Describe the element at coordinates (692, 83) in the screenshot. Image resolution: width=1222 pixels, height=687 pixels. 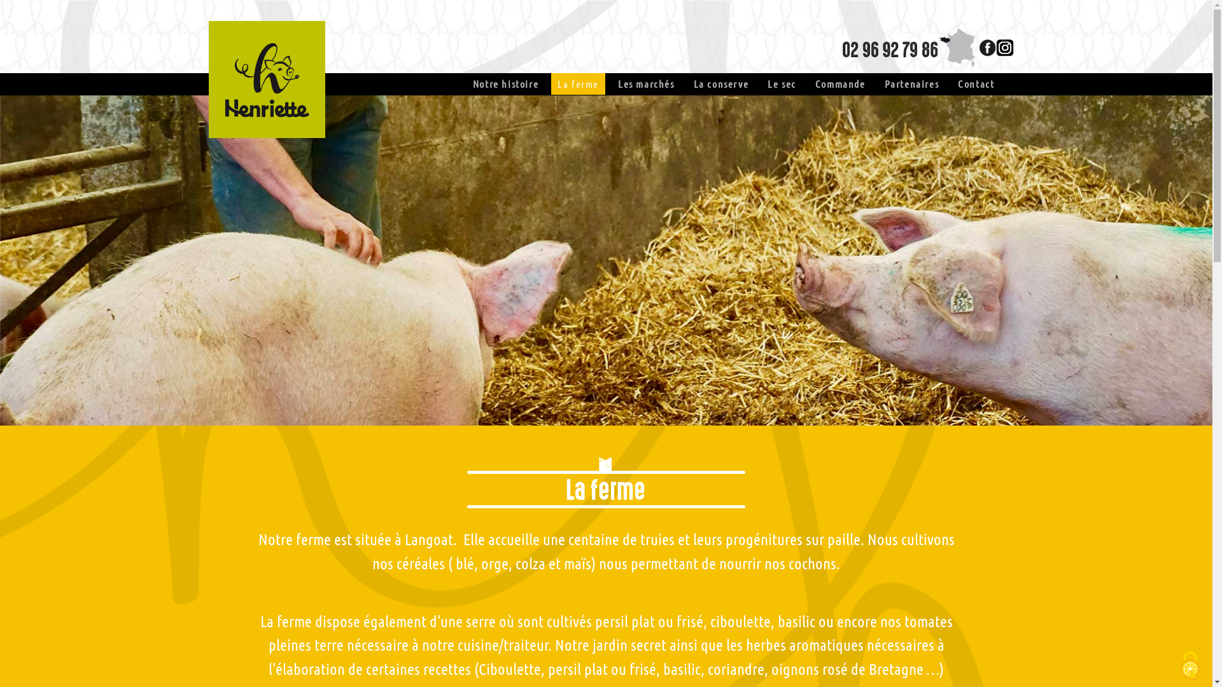
I see `'La conserve'` at that location.